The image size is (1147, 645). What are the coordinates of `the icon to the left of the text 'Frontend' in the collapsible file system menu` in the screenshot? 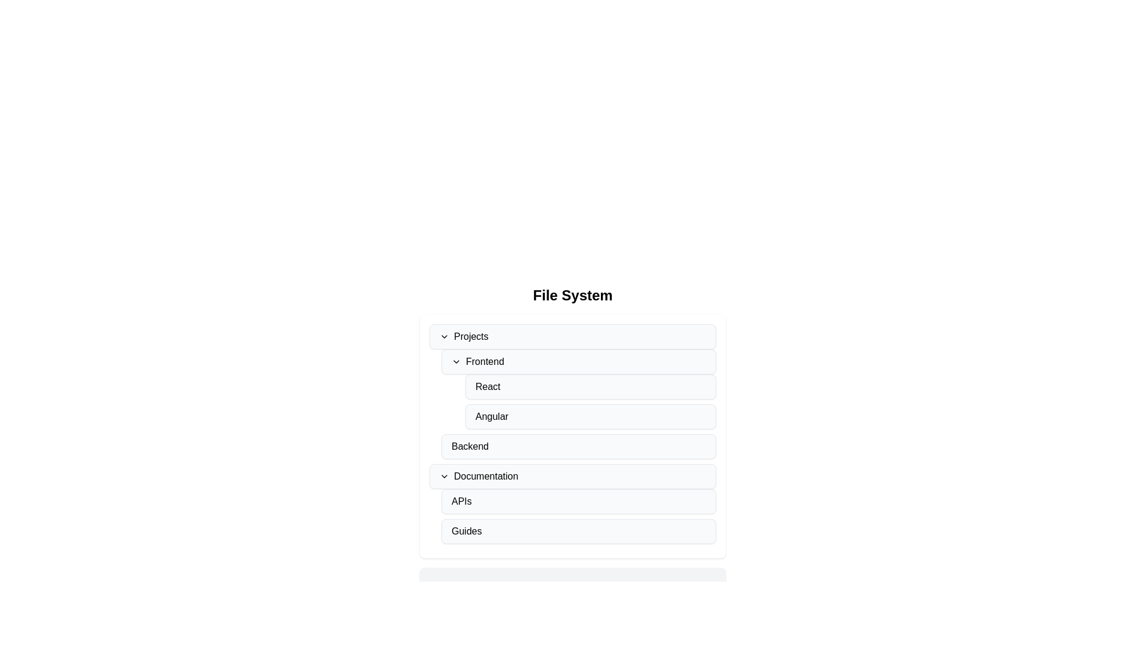 It's located at (455, 361).